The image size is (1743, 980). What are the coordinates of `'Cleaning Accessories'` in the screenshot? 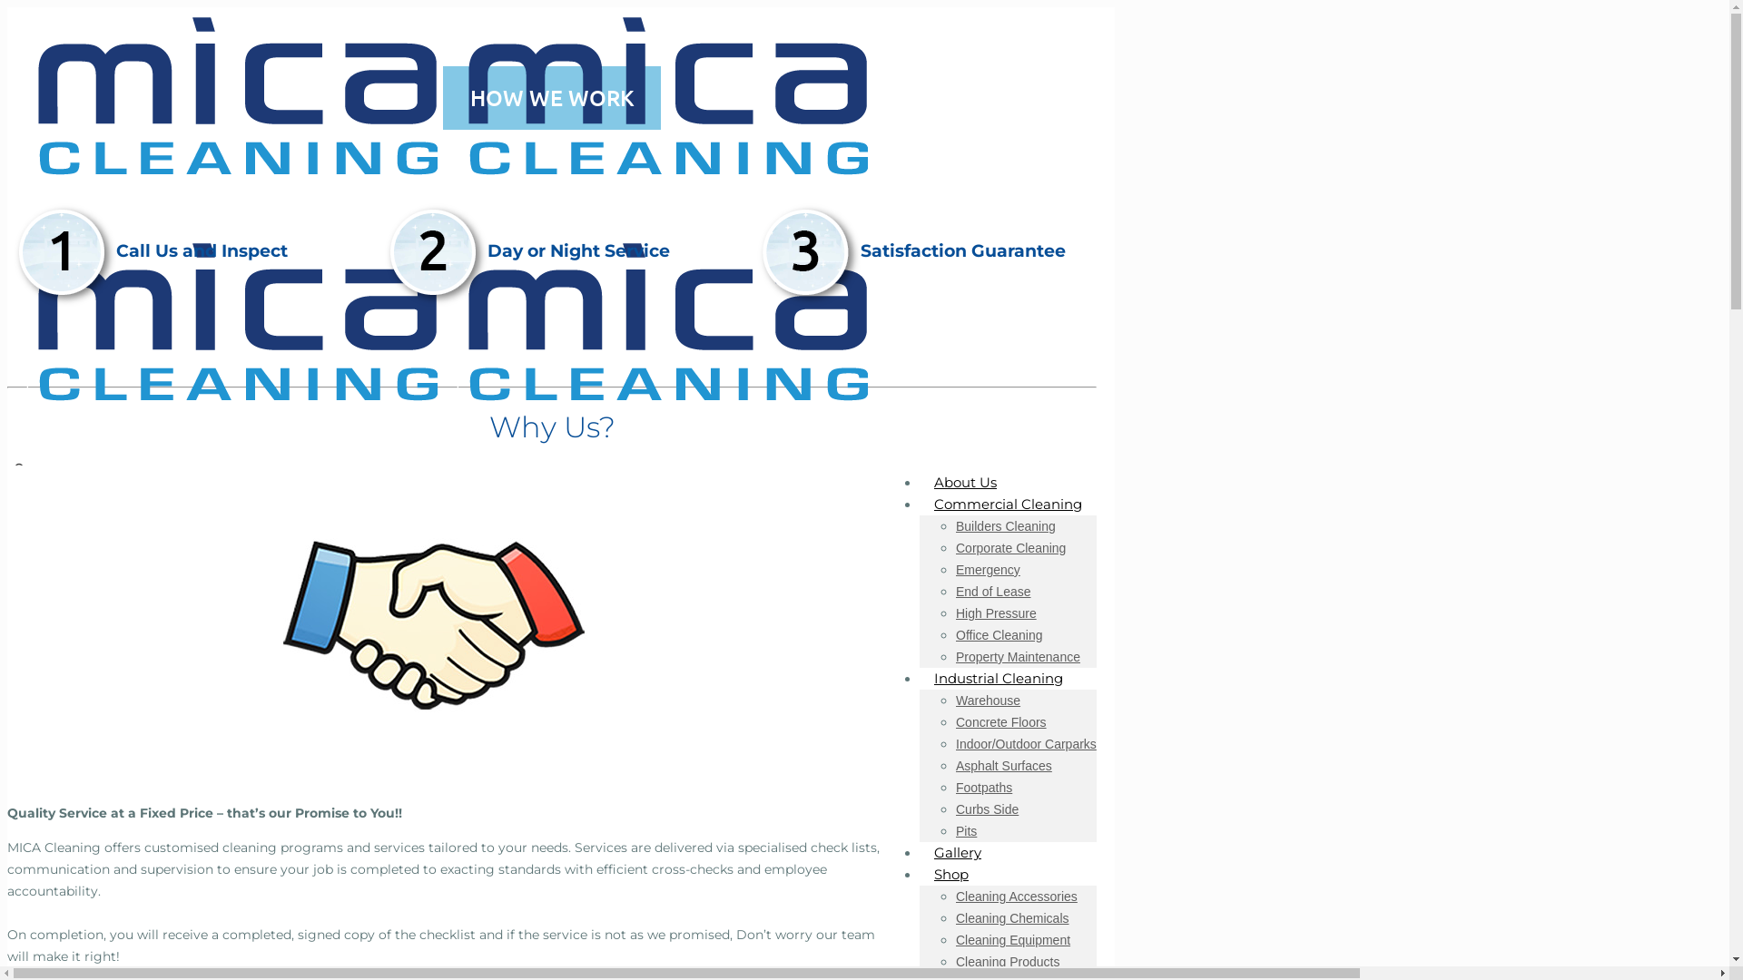 It's located at (1015, 895).